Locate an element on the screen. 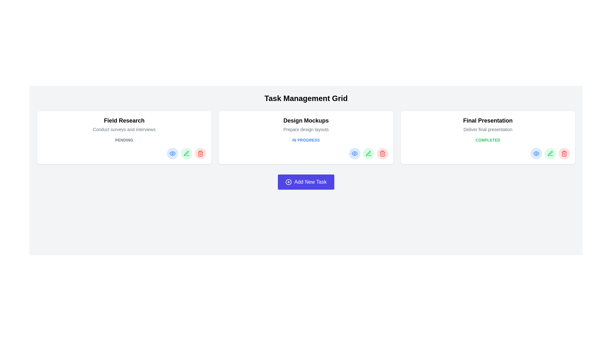  the 'View' button located in the bottom-right corner of the 'Final Presentation' card in the third column of the task management grid is located at coordinates (535, 154).